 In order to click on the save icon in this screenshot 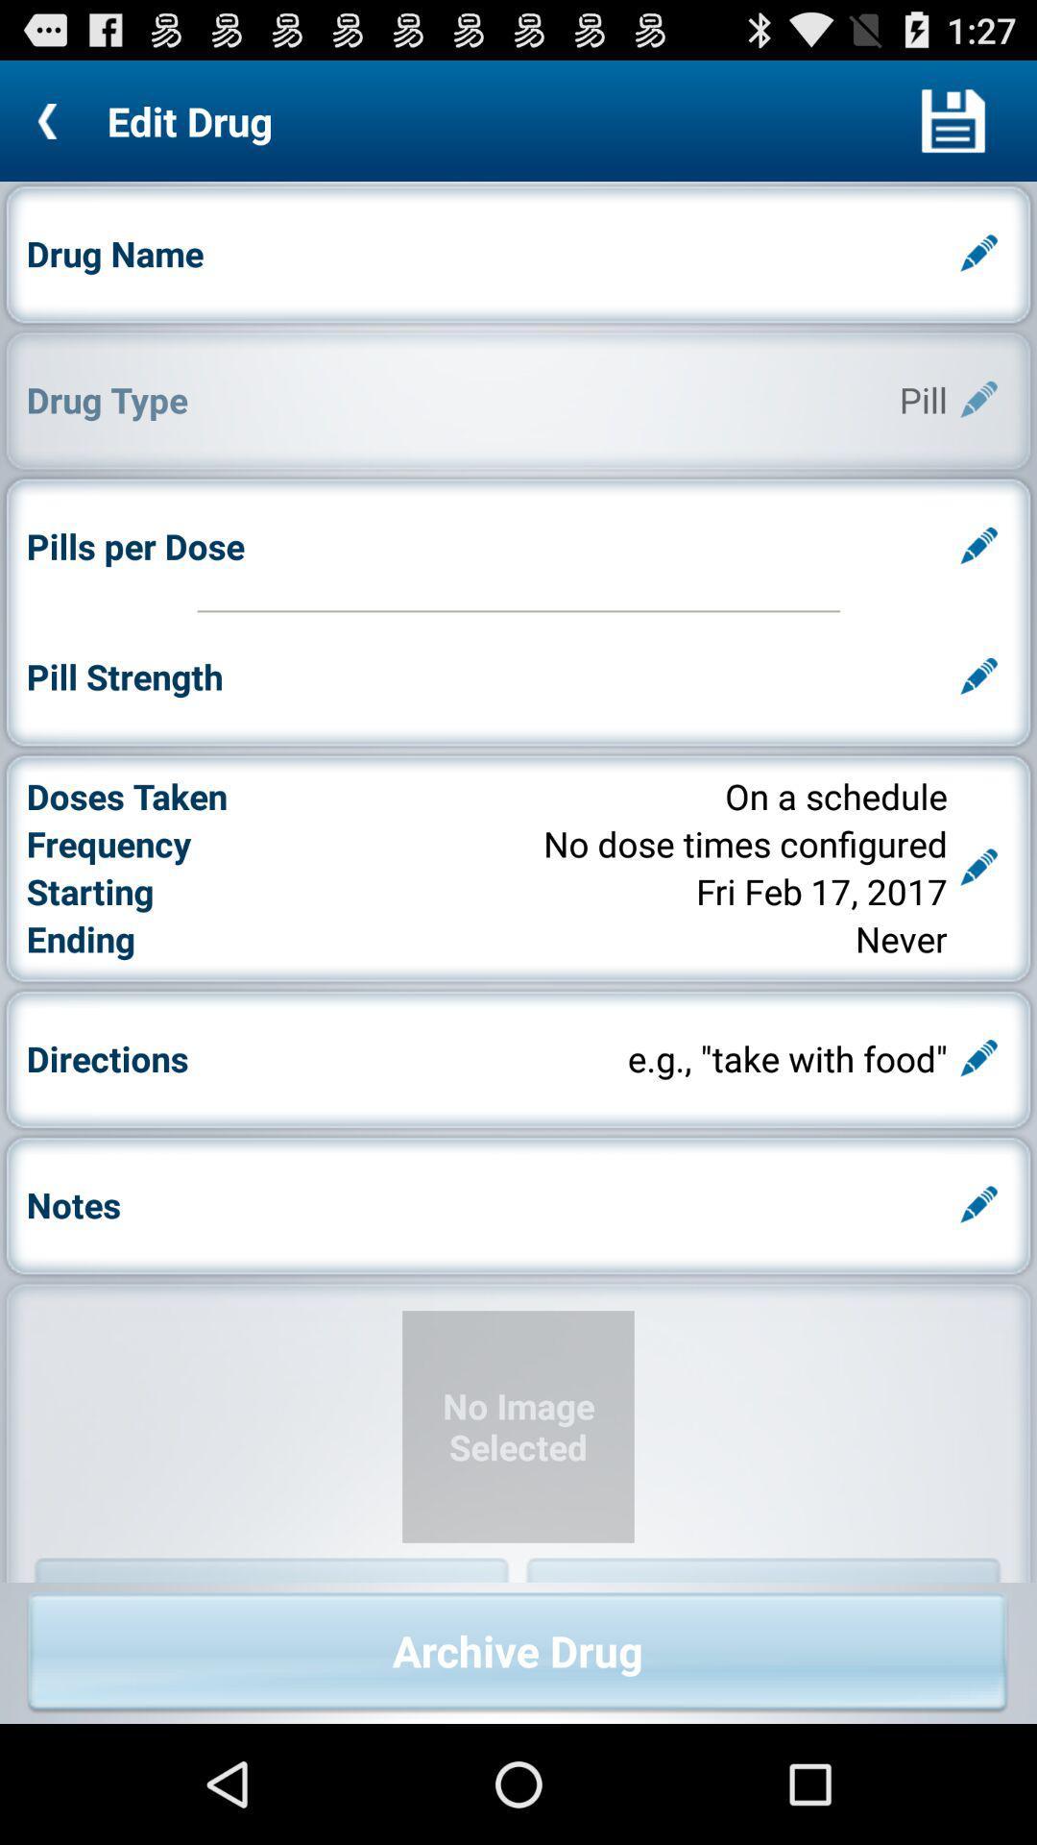, I will do `click(953, 128)`.